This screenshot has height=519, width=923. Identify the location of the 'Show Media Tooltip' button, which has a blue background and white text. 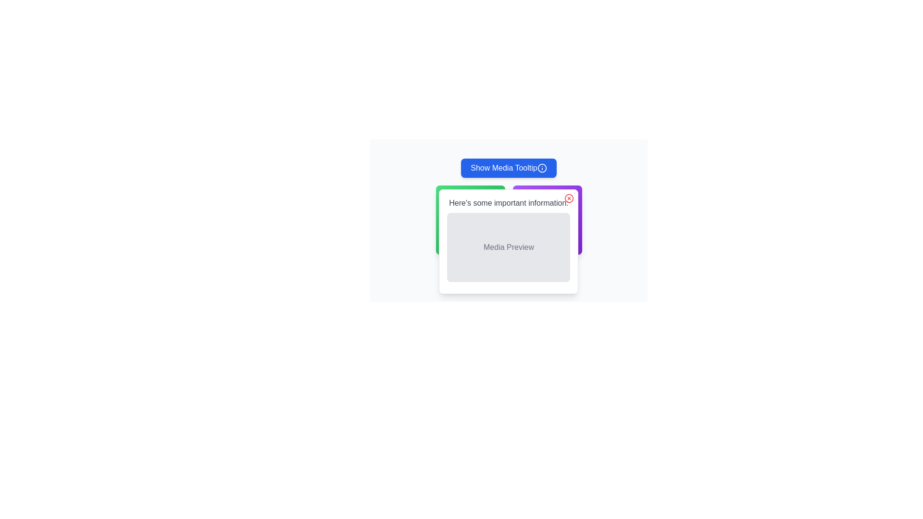
(508, 168).